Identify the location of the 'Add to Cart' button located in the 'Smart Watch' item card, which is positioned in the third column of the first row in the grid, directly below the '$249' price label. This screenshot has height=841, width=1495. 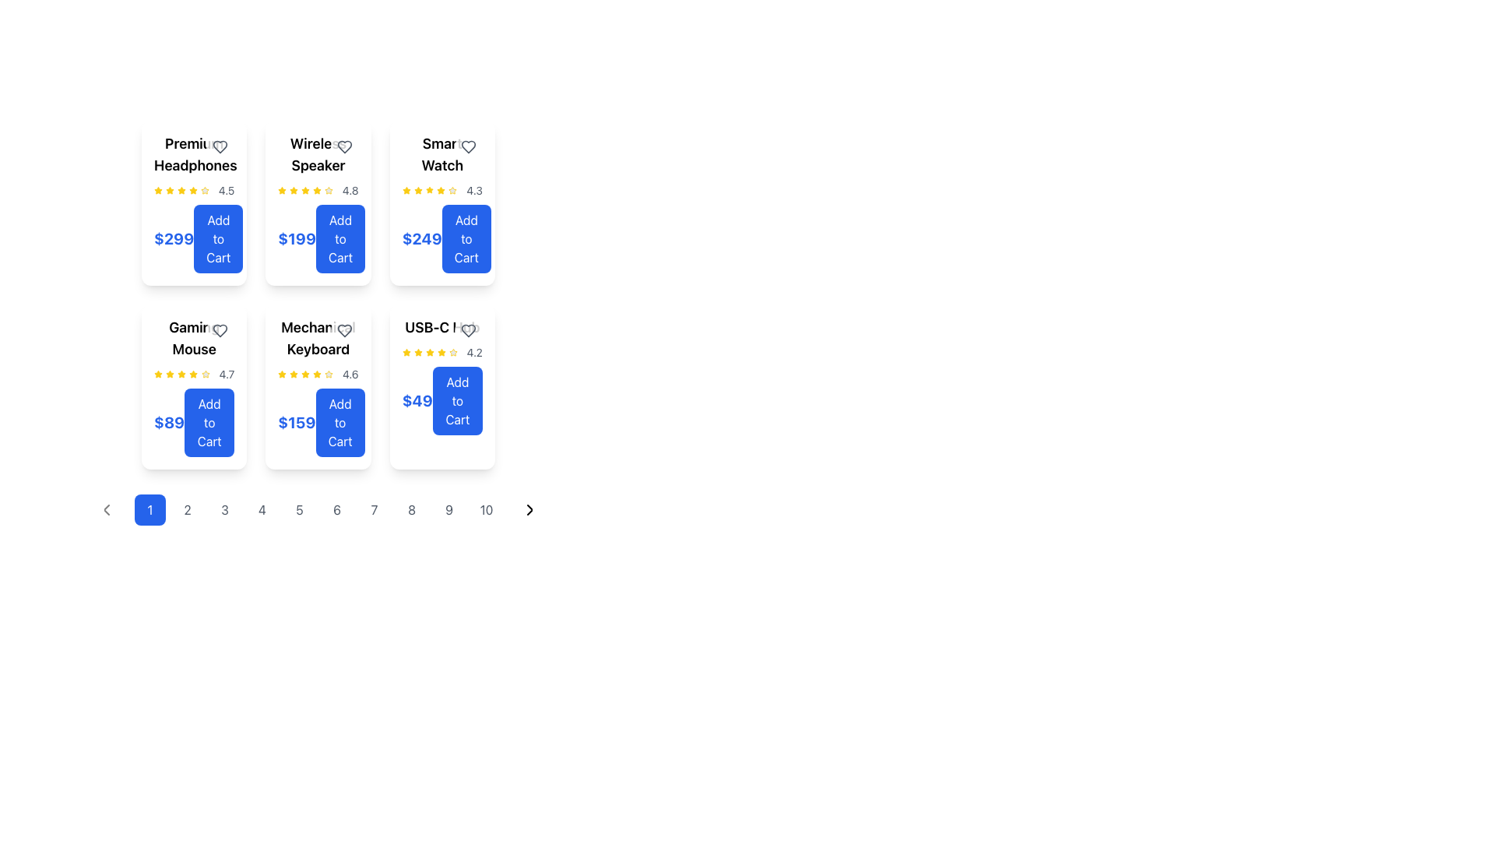
(466, 239).